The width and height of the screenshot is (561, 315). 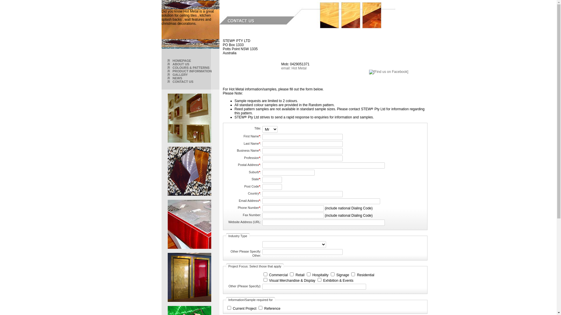 I want to click on 'CONTACT US', so click(x=182, y=82).